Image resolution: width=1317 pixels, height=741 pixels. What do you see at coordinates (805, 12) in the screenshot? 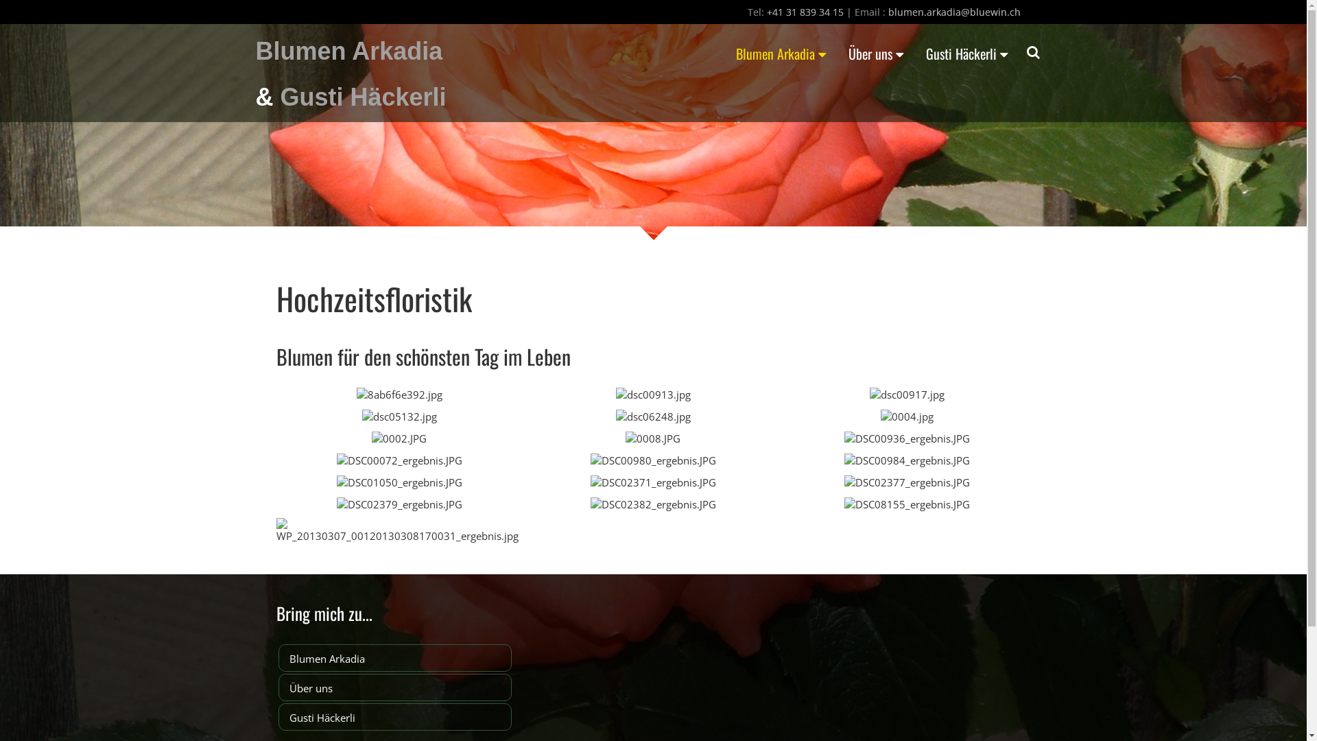
I see `'+41 31 839 34 15'` at bounding box center [805, 12].